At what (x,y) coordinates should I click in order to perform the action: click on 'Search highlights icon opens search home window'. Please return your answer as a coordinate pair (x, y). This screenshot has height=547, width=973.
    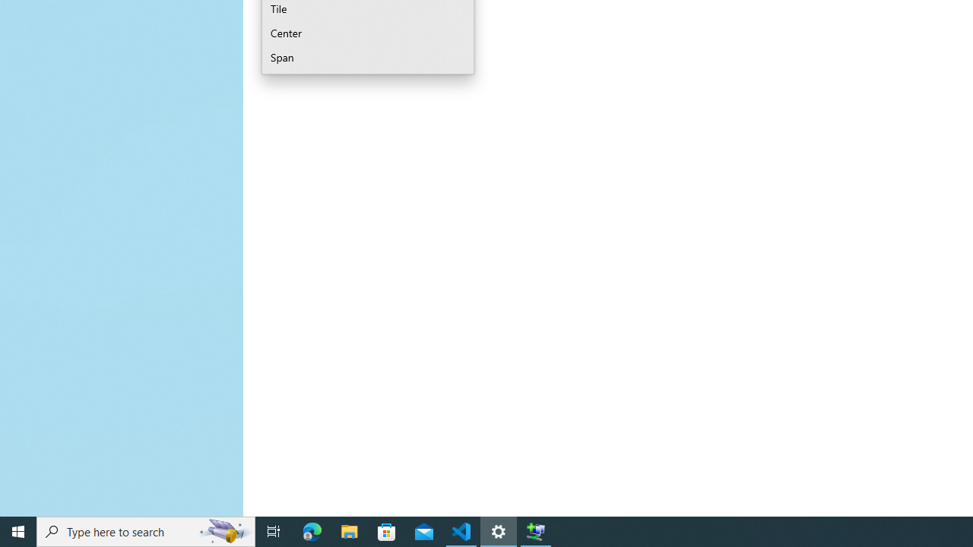
    Looking at the image, I should click on (223, 530).